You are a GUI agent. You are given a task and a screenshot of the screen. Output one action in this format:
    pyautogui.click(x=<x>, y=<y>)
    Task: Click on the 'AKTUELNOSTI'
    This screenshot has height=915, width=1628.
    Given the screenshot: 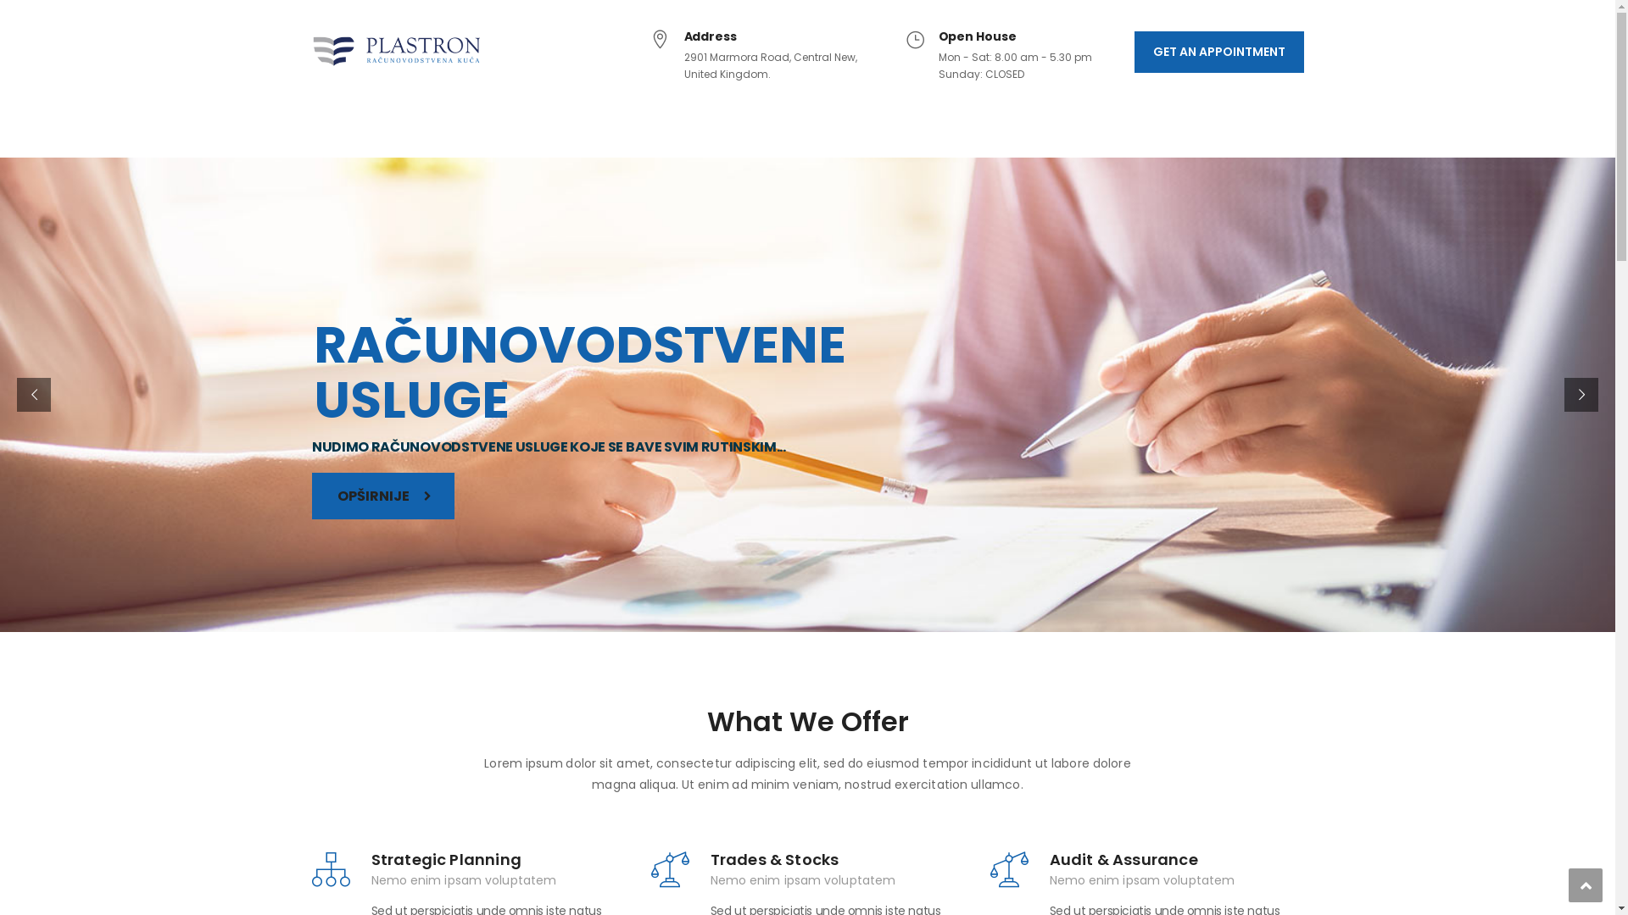 What is the action you would take?
    pyautogui.click(x=760, y=129)
    